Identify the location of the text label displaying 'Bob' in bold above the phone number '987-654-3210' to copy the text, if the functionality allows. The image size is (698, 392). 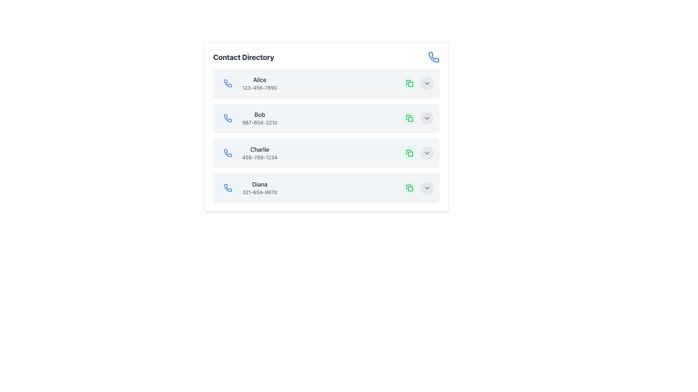
(260, 118).